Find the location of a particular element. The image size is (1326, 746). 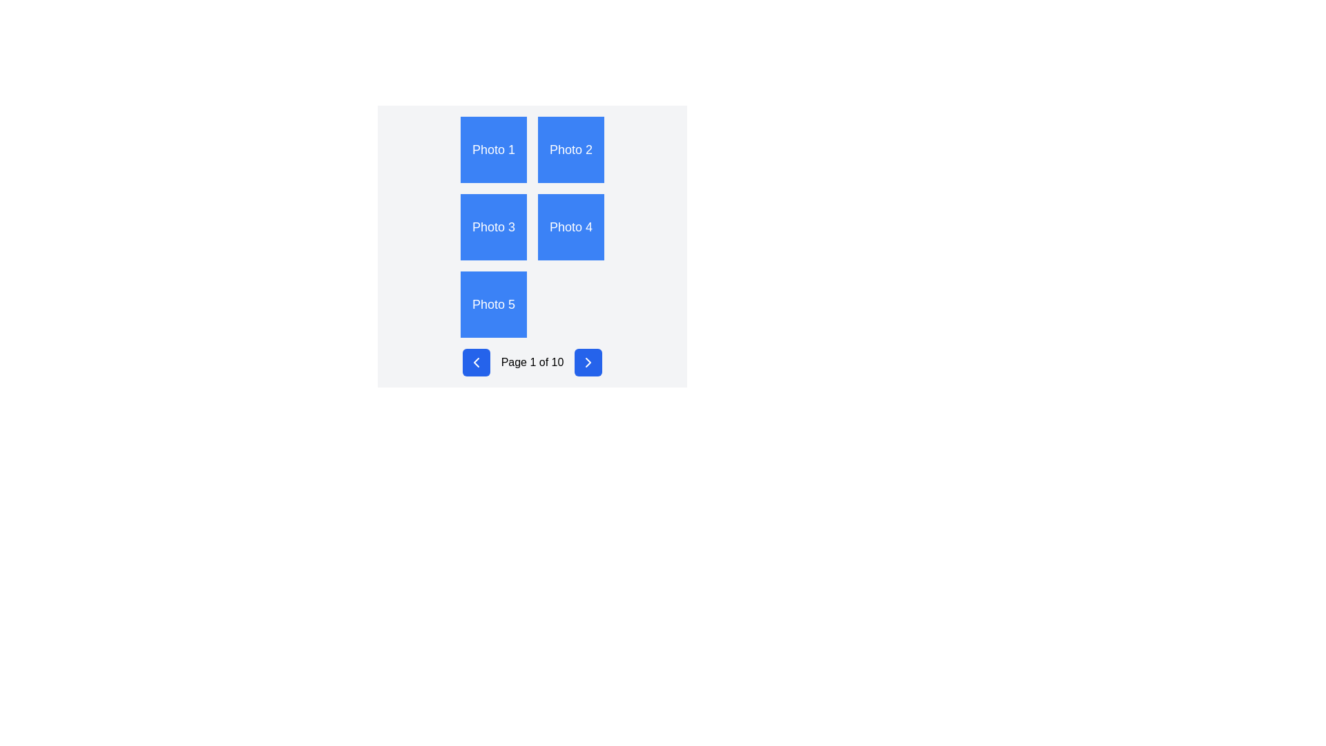

the leftward-pointing chevron-shaped icon in the navigation control section at the bottom of the viewport is located at coordinates (476, 361).